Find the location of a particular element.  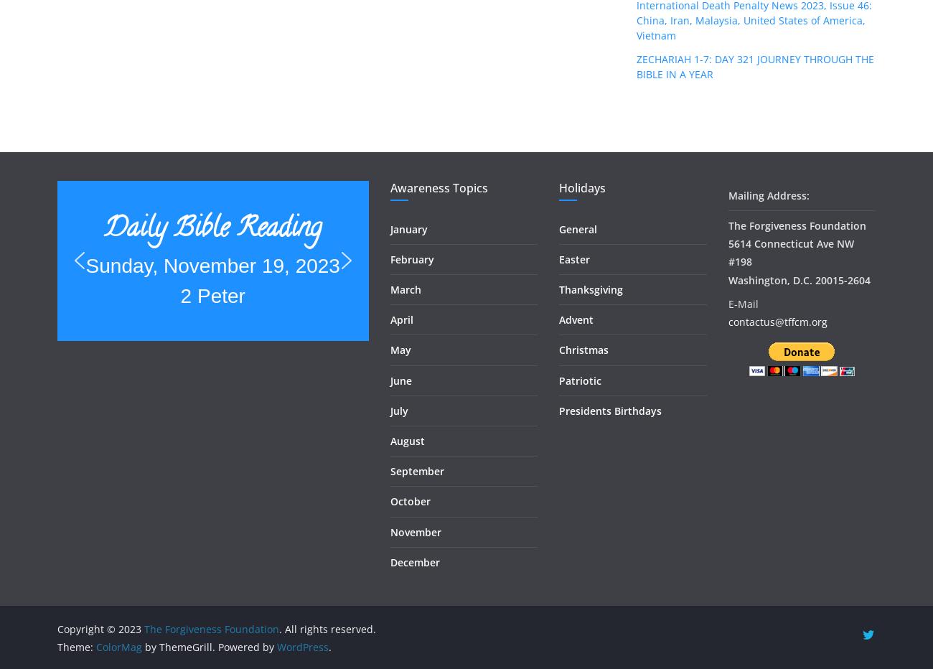

'ZECHARIAH 1-7: DAY 321 JOURNEY THROUGH THE BIBLE IN A YEAR' is located at coordinates (755, 65).